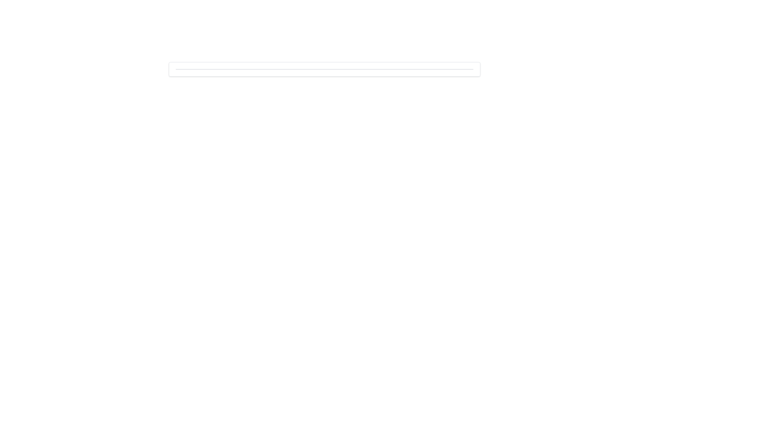 The width and height of the screenshot is (779, 438). I want to click on the 'Hide Info' button, a small rectangular button with rounded corners, so click(453, 60).